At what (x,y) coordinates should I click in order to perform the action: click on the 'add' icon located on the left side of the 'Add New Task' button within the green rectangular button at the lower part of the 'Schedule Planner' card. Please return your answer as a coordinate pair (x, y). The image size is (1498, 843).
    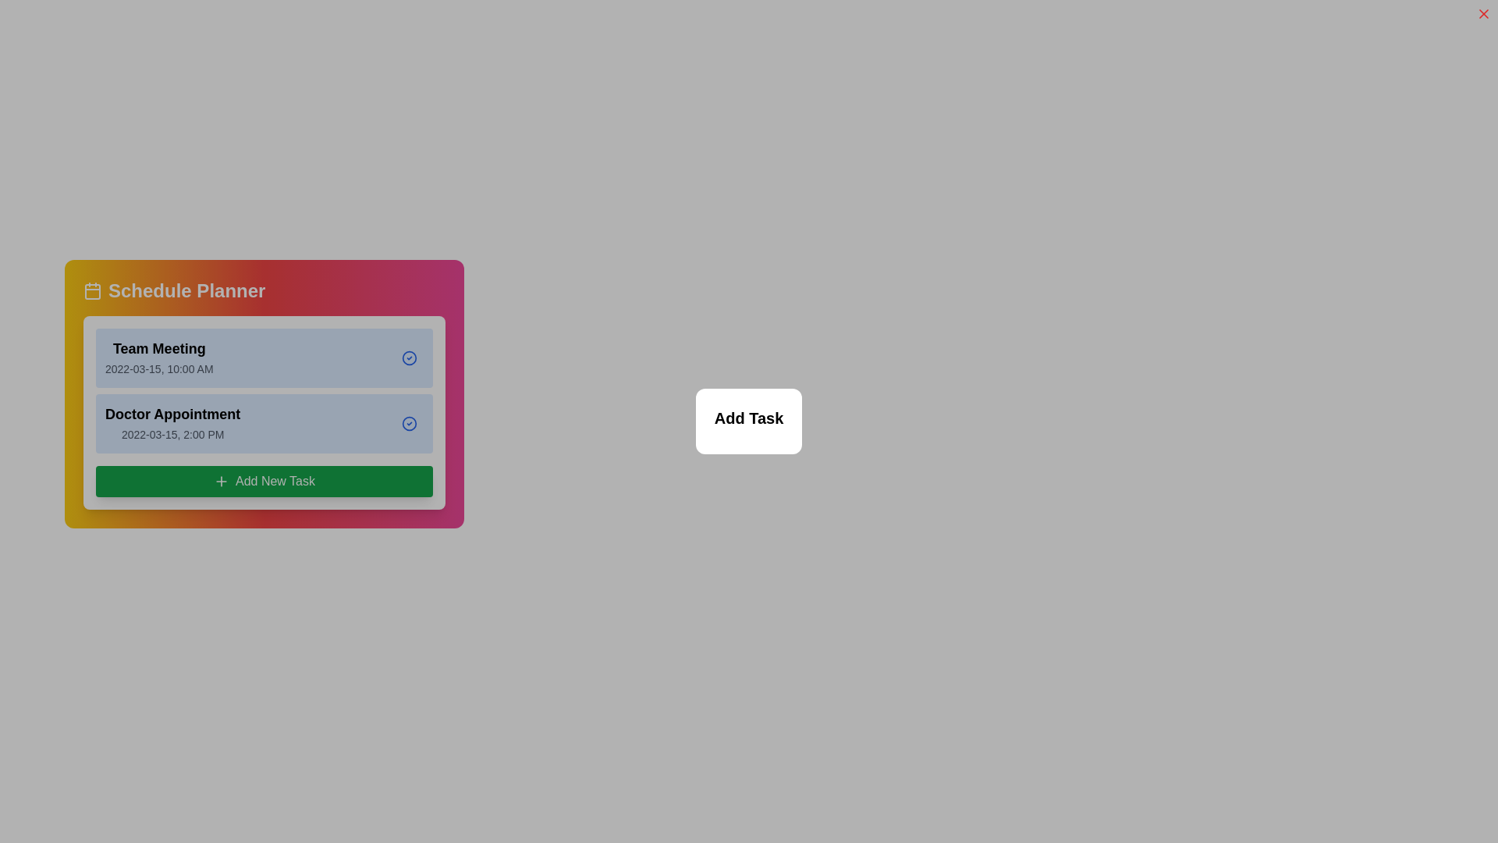
    Looking at the image, I should click on (220, 481).